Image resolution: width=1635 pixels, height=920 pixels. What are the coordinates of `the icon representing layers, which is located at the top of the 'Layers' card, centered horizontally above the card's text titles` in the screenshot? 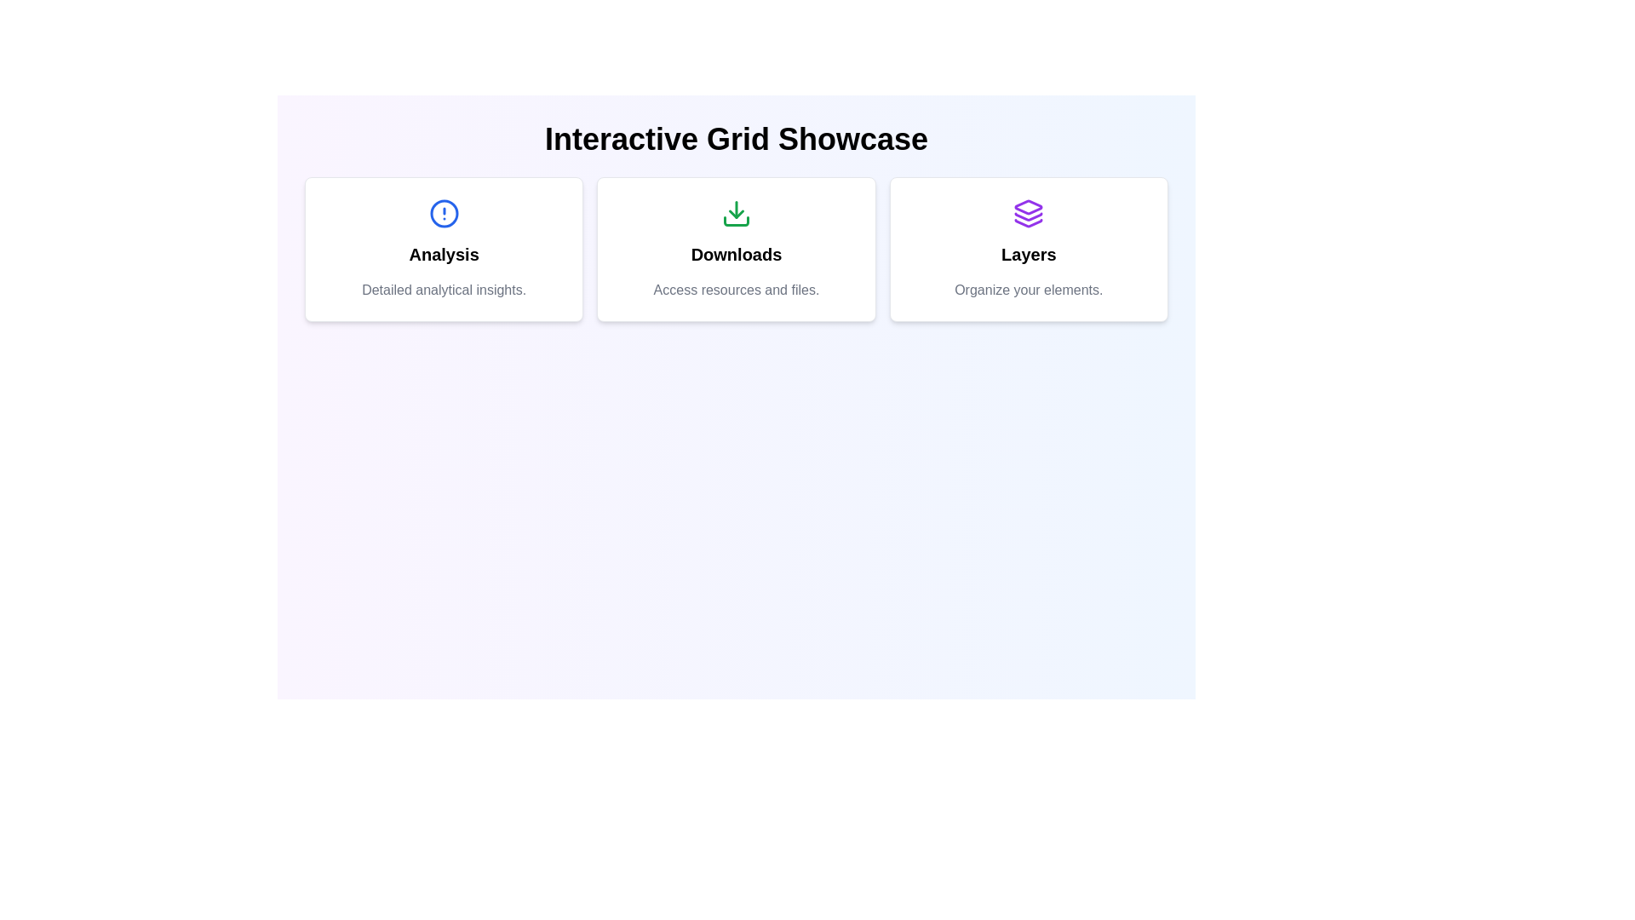 It's located at (1028, 212).